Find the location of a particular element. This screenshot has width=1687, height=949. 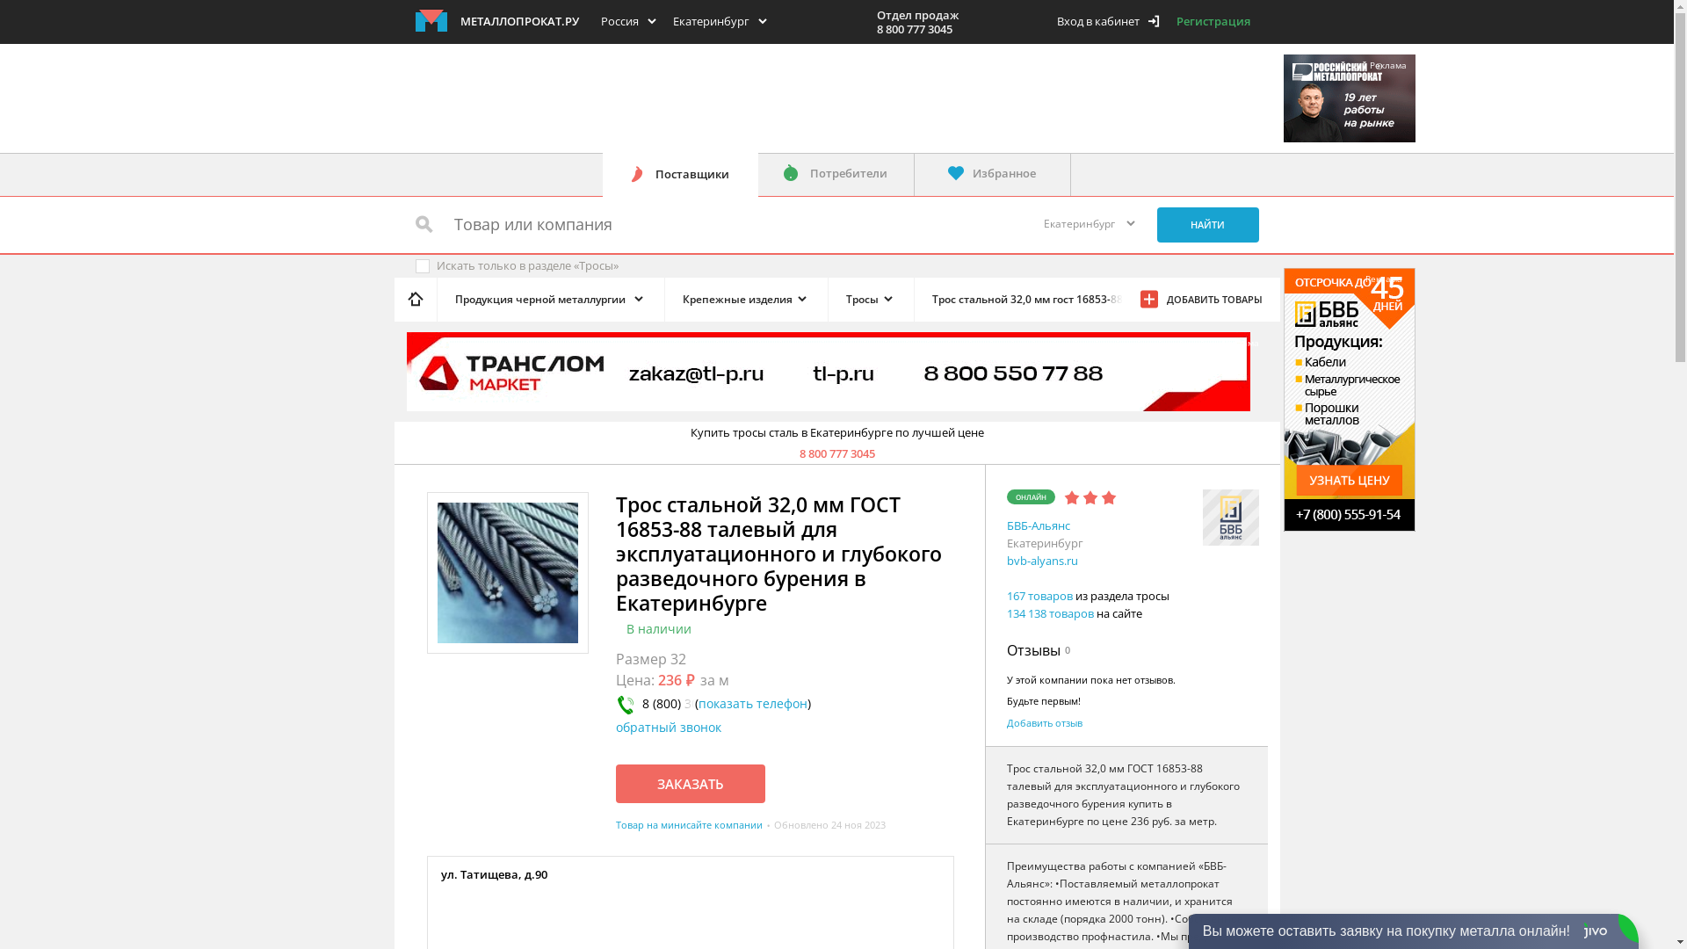

'bvb-alyans.ru' is located at coordinates (1042, 560).